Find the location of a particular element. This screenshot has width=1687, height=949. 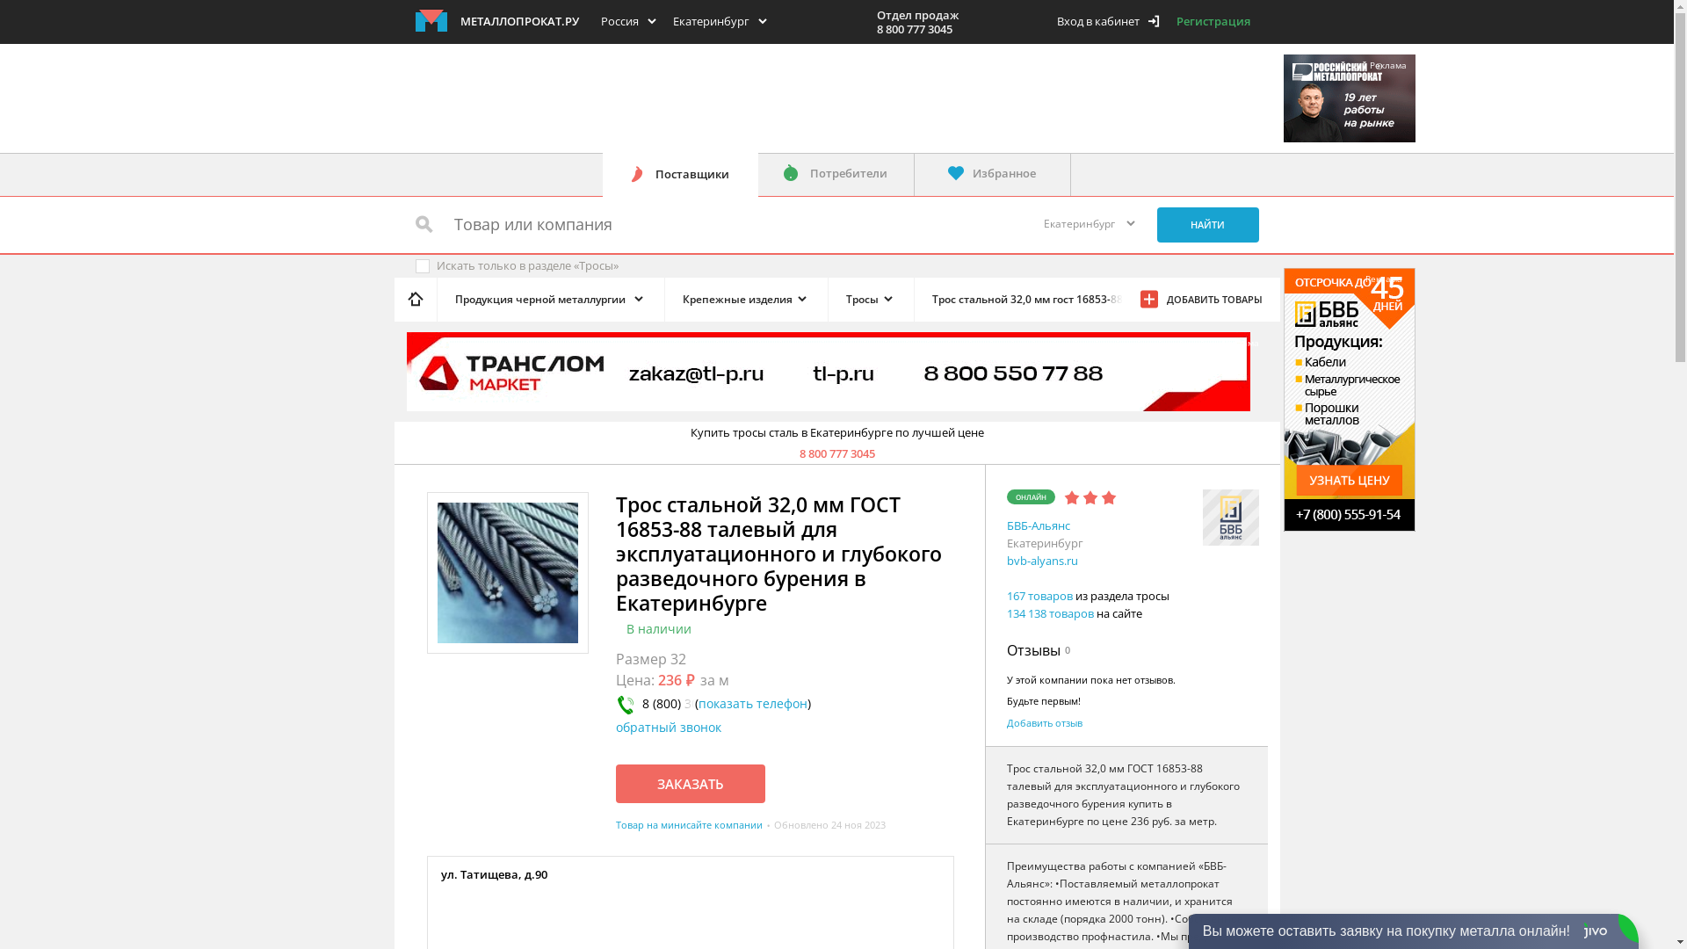

'bvb-alyans.ru' is located at coordinates (1042, 560).